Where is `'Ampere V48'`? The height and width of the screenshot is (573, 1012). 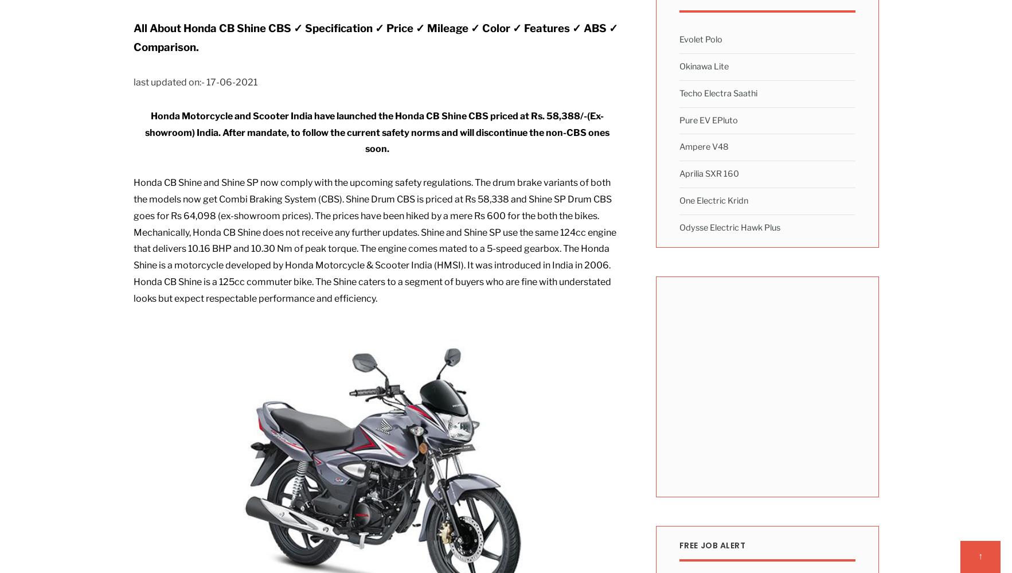 'Ampere V48' is located at coordinates (704, 147).